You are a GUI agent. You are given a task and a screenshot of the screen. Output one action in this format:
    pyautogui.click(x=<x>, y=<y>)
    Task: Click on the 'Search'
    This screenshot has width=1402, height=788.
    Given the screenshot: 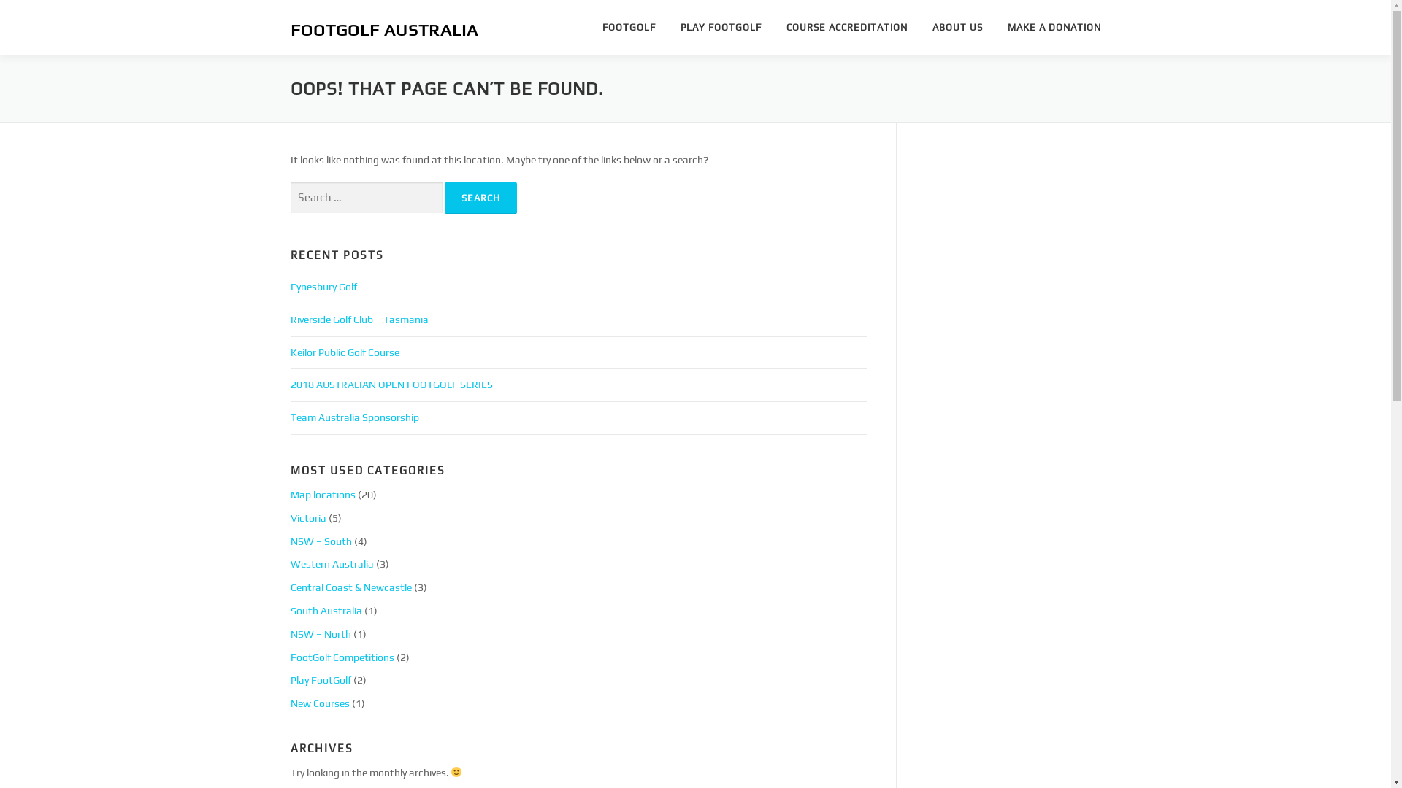 What is the action you would take?
    pyautogui.click(x=480, y=198)
    